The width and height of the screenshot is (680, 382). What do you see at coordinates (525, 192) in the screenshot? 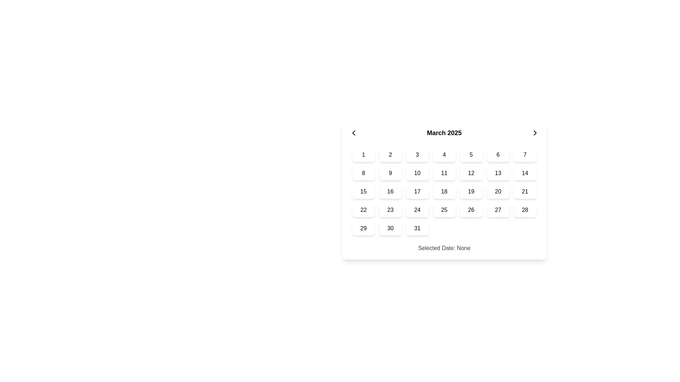
I see `the selectable button for the 21st day of the month in the calendar` at bounding box center [525, 192].